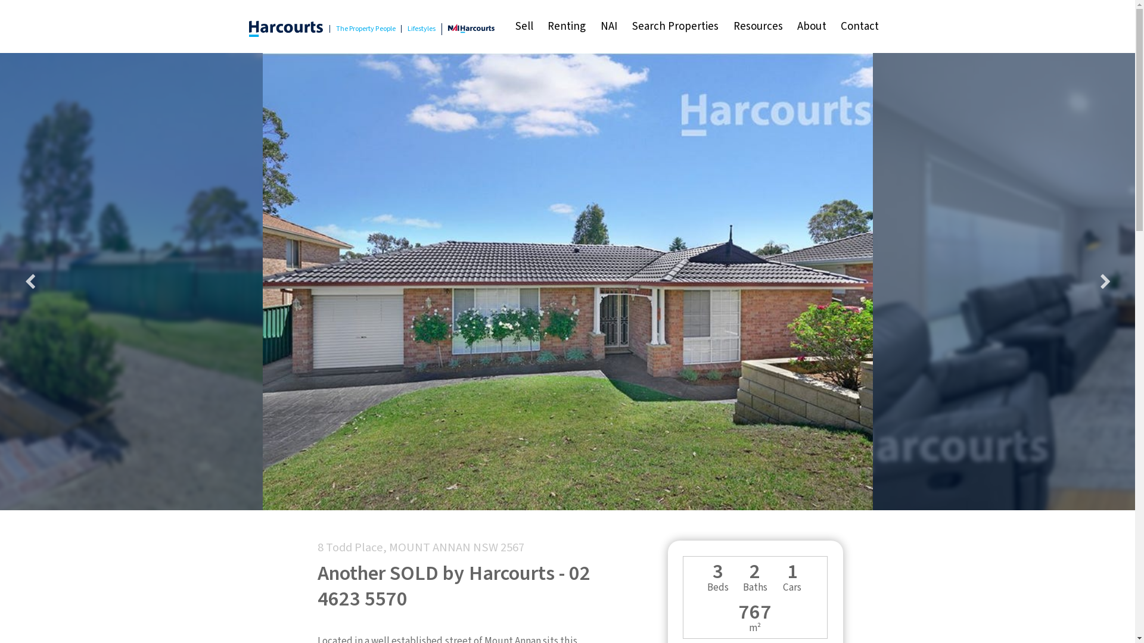  What do you see at coordinates (540, 27) in the screenshot?
I see `'Renting'` at bounding box center [540, 27].